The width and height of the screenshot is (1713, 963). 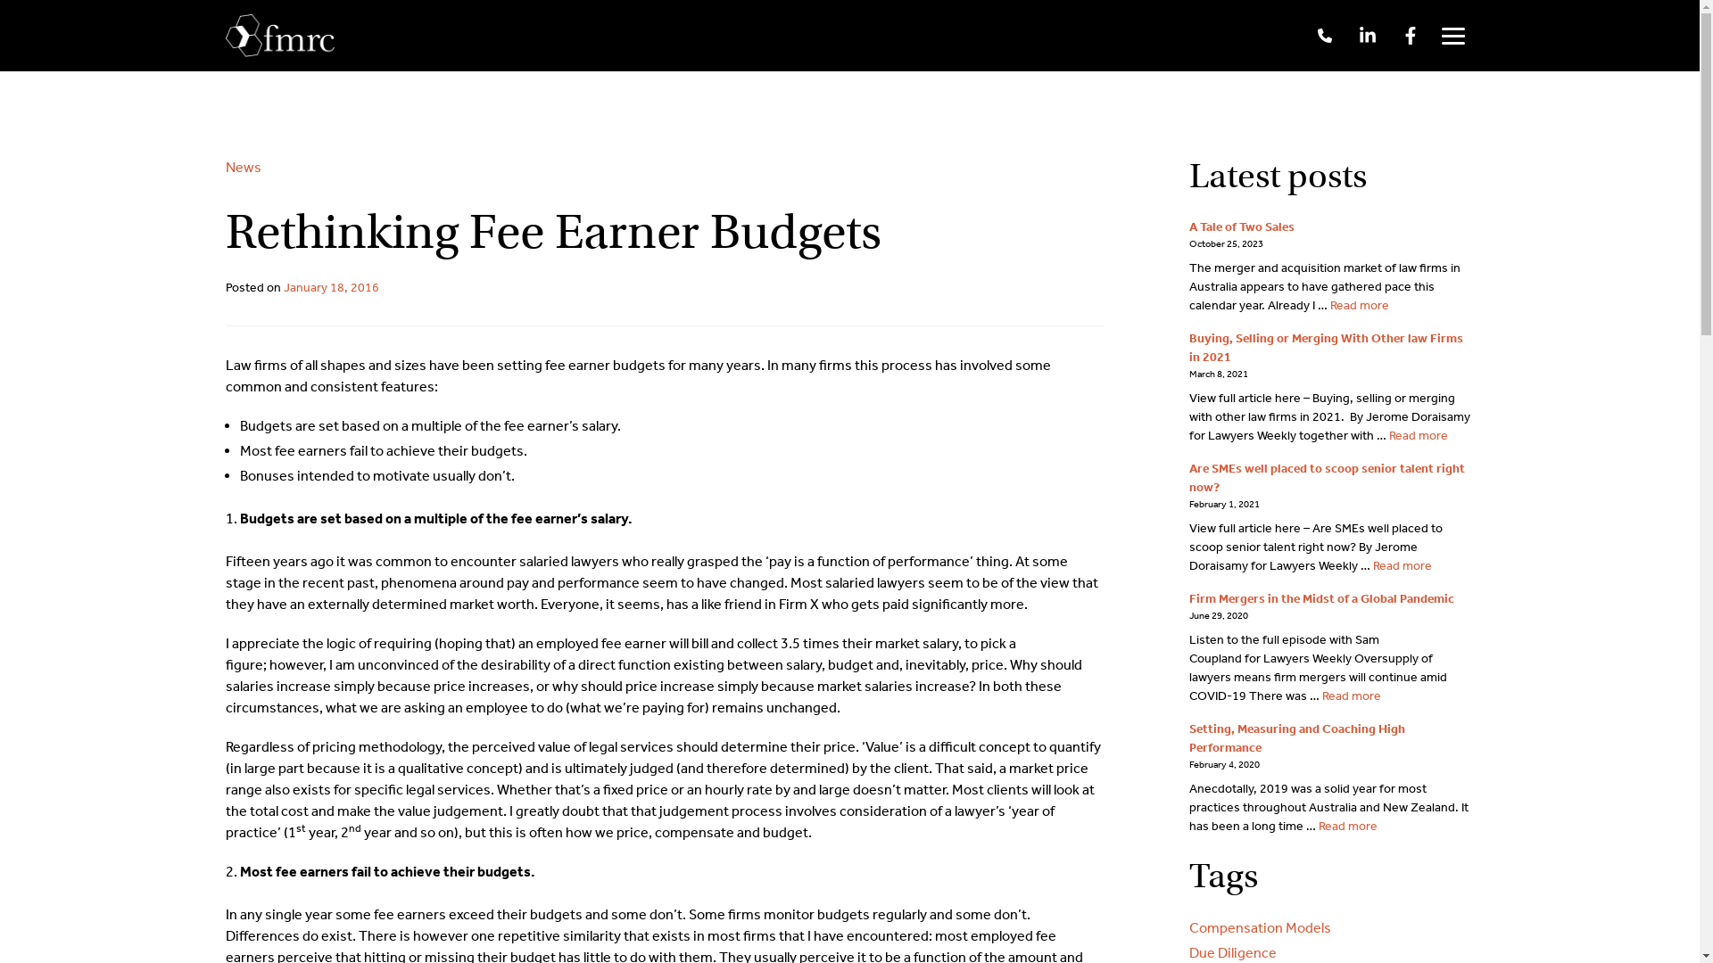 What do you see at coordinates (1357, 304) in the screenshot?
I see `'Read more'` at bounding box center [1357, 304].